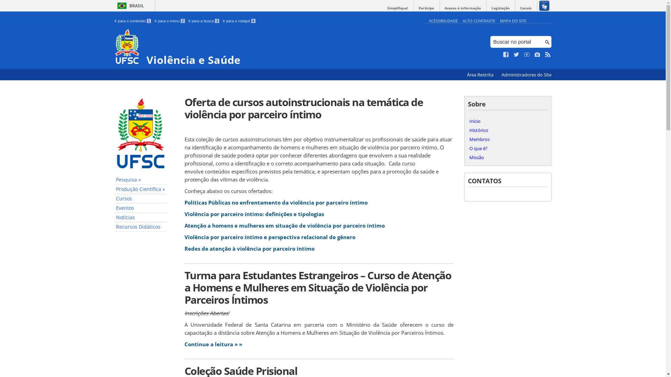 The width and height of the screenshot is (671, 377). I want to click on 'Eventos', so click(140, 208).